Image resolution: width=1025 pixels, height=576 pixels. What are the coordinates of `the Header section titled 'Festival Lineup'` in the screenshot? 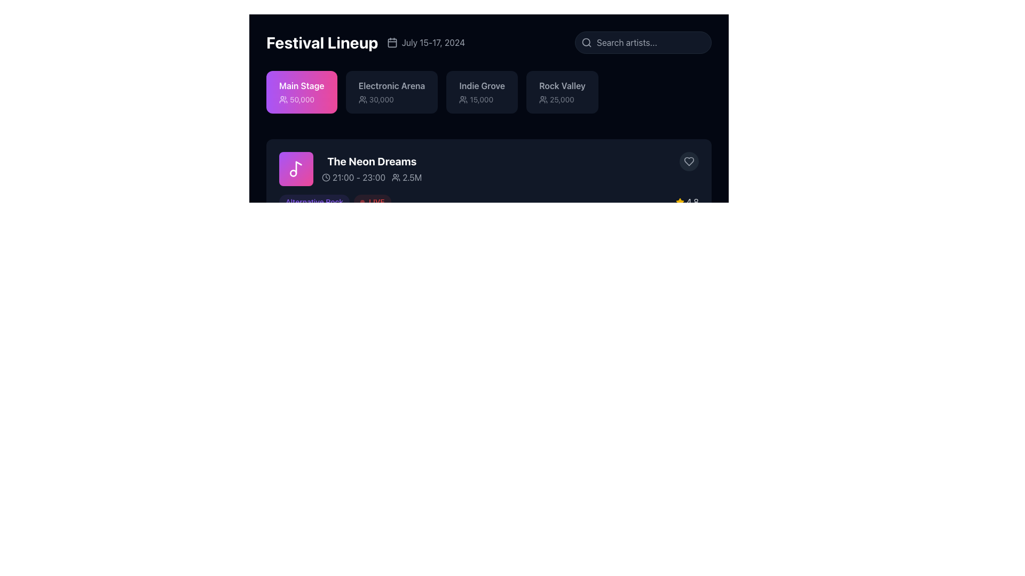 It's located at (488, 102).